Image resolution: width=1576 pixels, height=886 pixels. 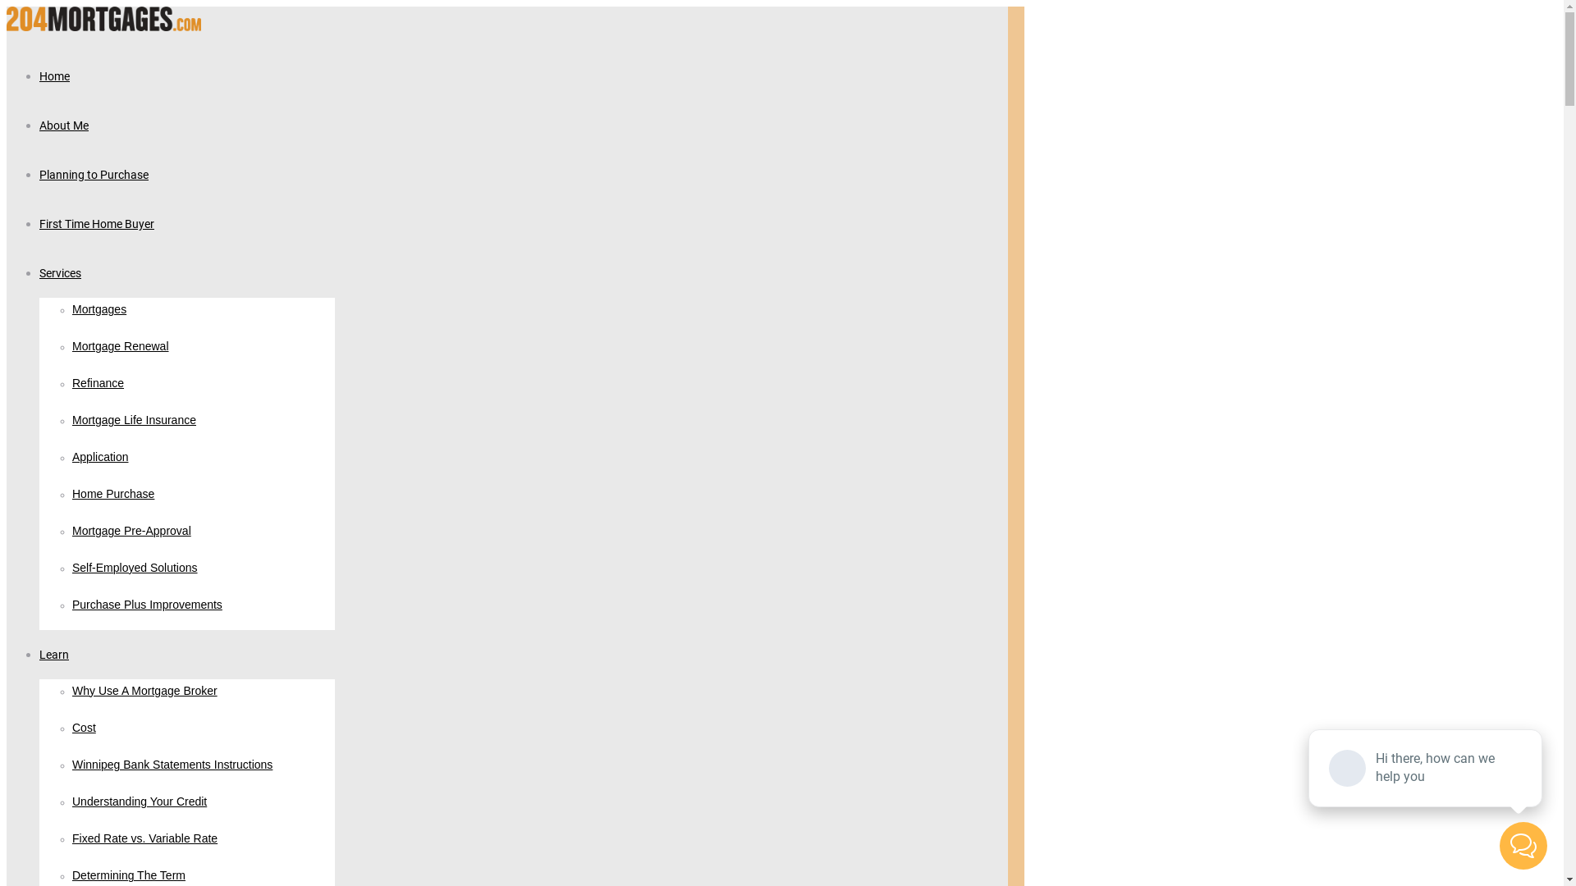 What do you see at coordinates (93, 174) in the screenshot?
I see `'Planning to Purchase'` at bounding box center [93, 174].